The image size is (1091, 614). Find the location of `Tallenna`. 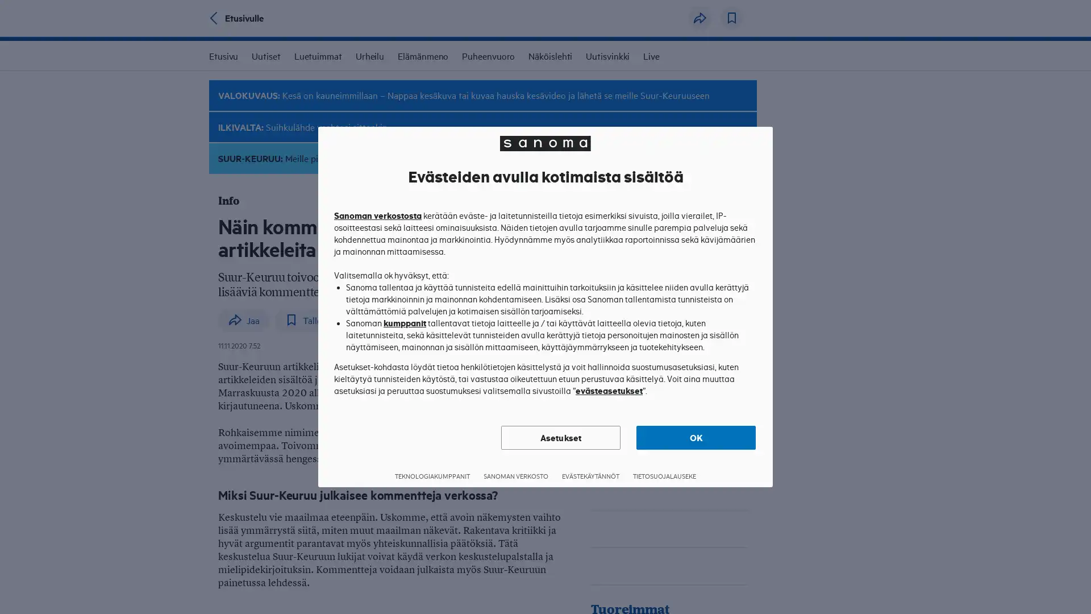

Tallenna is located at coordinates (731, 18).